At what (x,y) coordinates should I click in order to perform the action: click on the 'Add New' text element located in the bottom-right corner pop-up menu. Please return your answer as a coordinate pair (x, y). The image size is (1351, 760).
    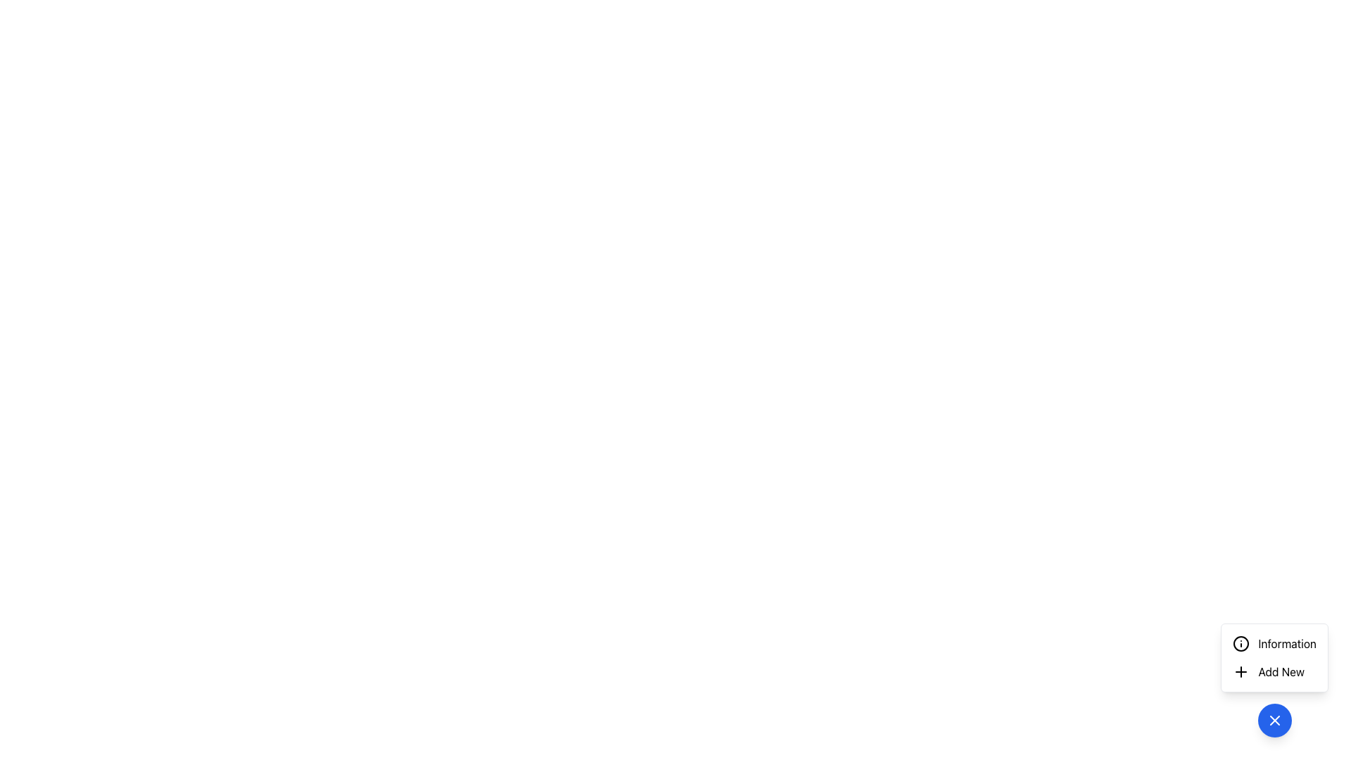
    Looking at the image, I should click on (1281, 671).